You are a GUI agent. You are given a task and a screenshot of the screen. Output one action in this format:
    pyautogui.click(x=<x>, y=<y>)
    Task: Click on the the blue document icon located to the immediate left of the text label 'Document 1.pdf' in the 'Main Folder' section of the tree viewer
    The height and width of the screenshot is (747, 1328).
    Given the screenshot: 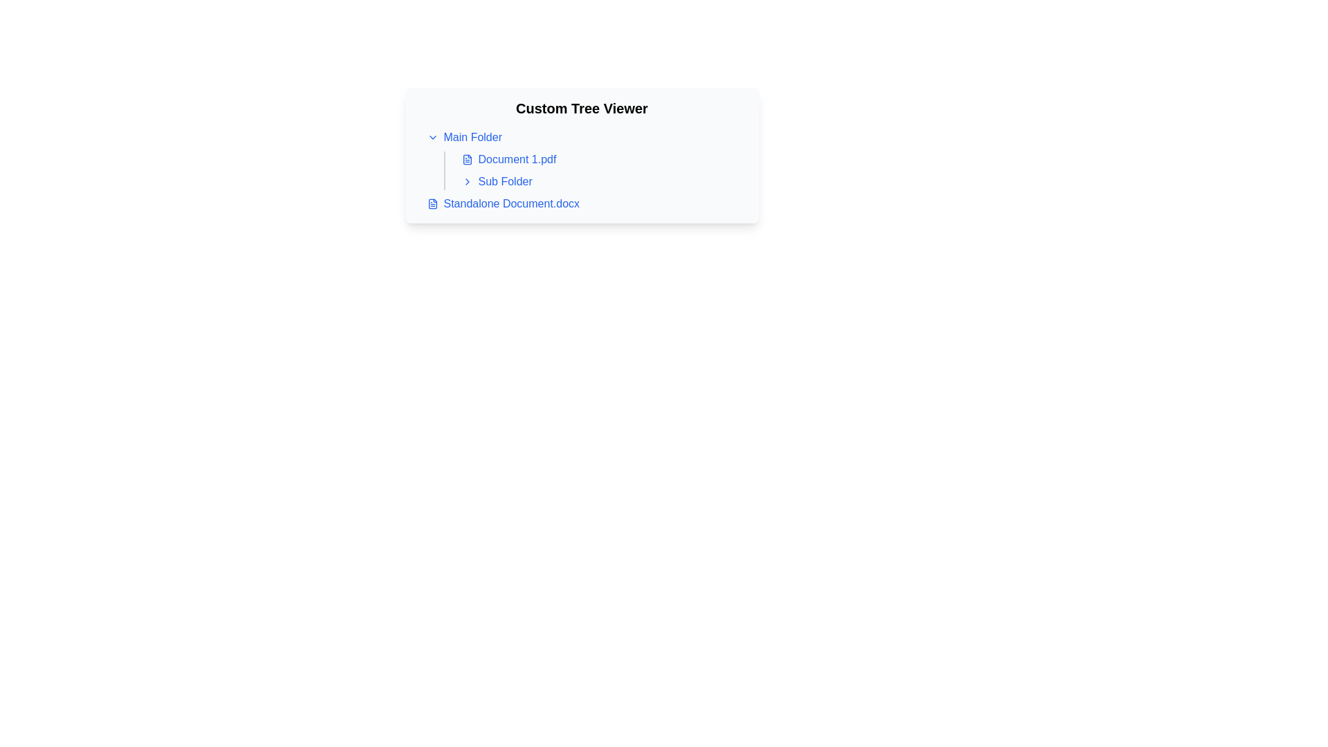 What is the action you would take?
    pyautogui.click(x=467, y=159)
    